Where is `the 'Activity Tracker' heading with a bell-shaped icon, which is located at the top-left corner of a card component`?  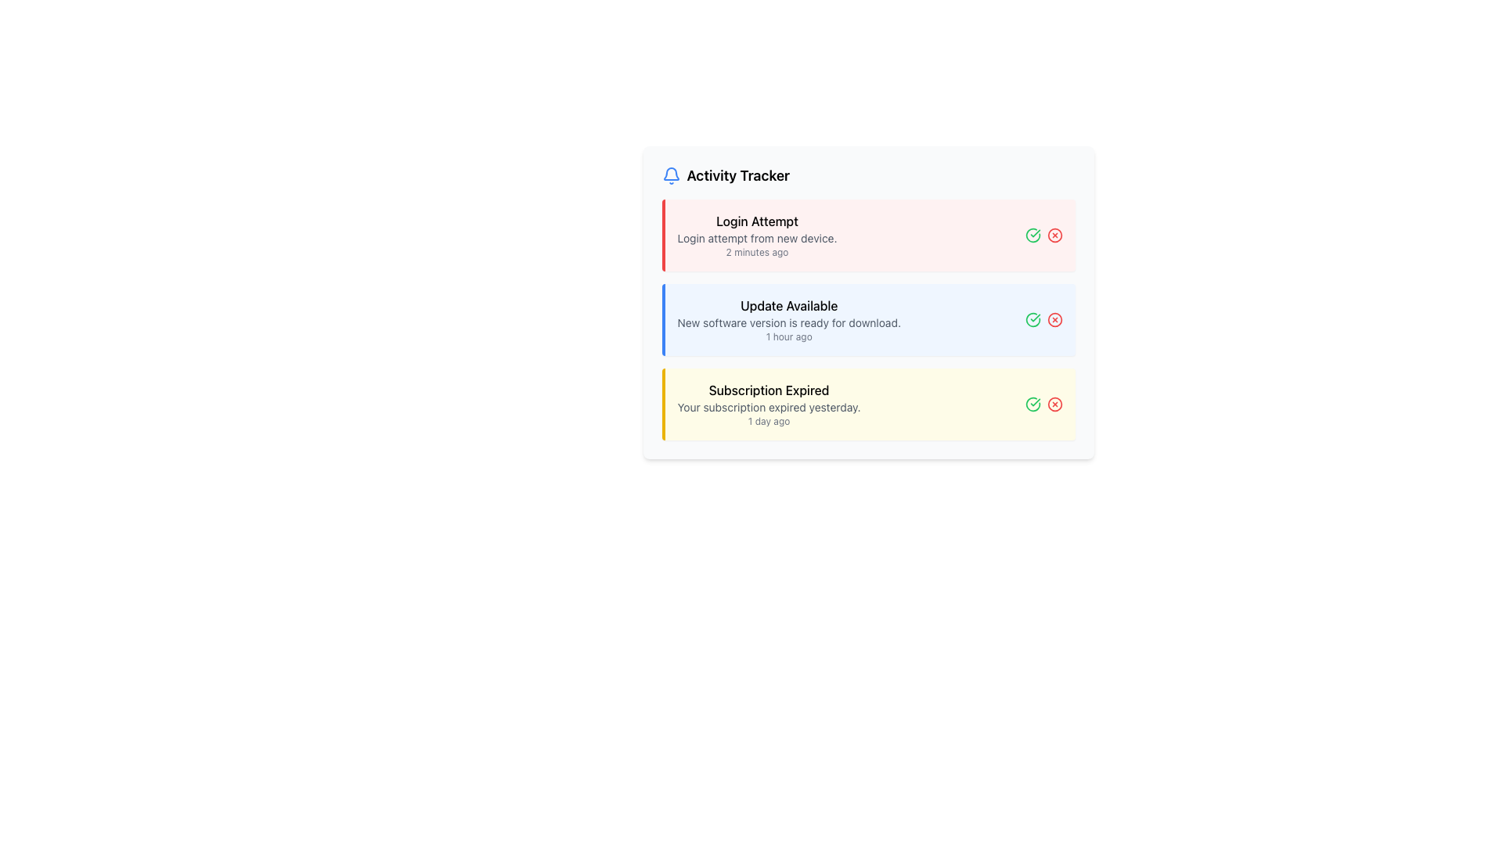 the 'Activity Tracker' heading with a bell-shaped icon, which is located at the top-left corner of a card component is located at coordinates (725, 175).